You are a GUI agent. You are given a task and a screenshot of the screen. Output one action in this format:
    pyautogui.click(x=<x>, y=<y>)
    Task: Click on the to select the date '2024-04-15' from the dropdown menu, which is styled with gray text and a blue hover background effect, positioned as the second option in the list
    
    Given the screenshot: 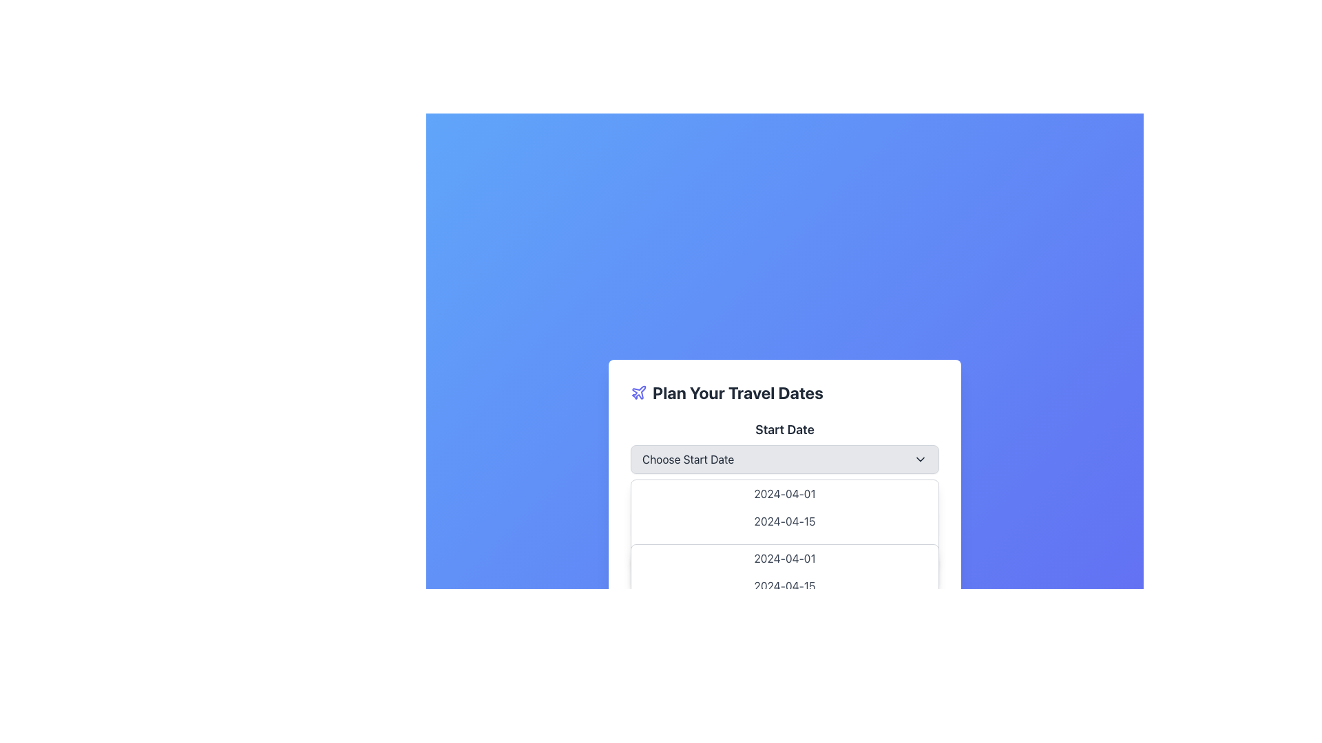 What is the action you would take?
    pyautogui.click(x=785, y=521)
    